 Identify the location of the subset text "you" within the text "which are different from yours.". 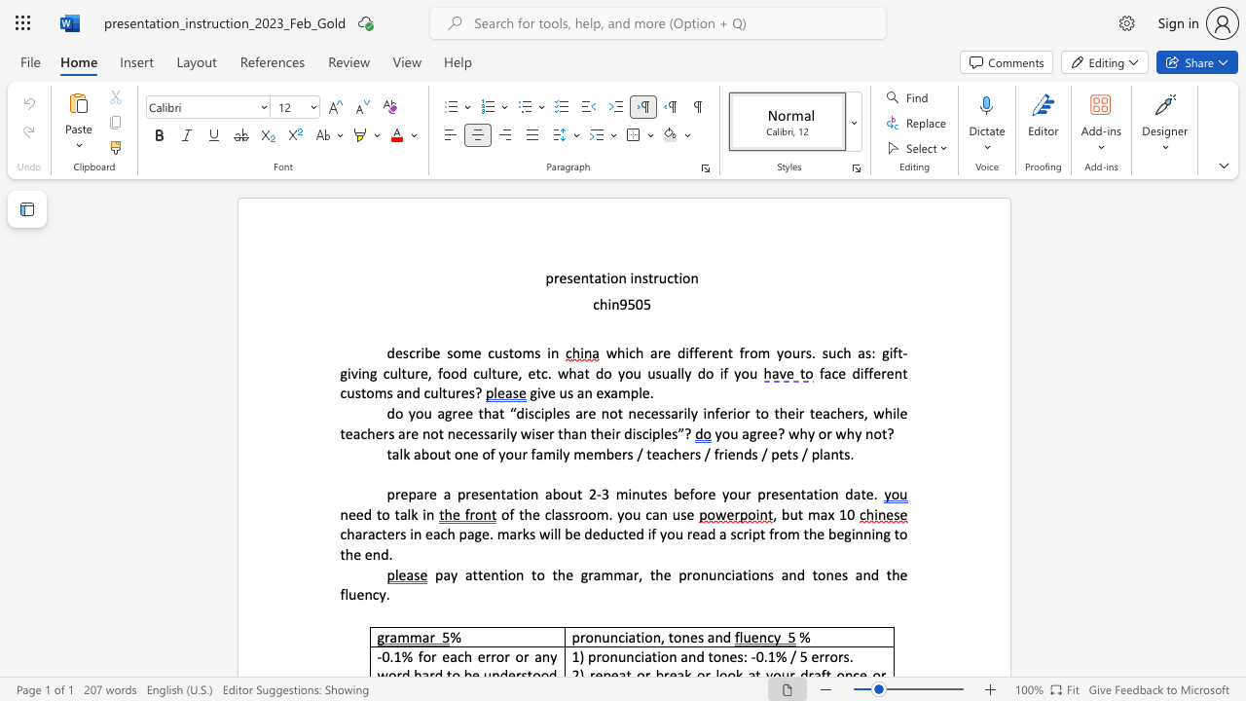
(776, 352).